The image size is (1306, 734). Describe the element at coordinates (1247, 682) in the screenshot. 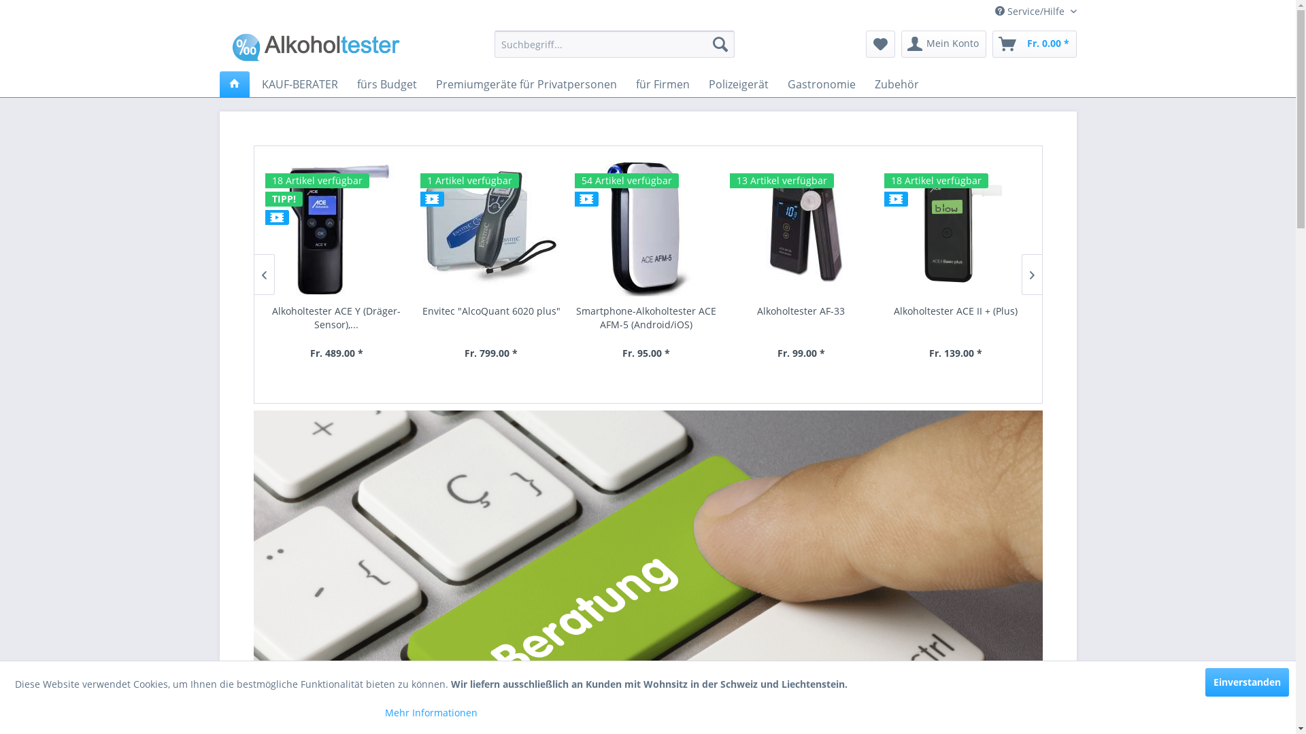

I see `'Einverstanden'` at that location.